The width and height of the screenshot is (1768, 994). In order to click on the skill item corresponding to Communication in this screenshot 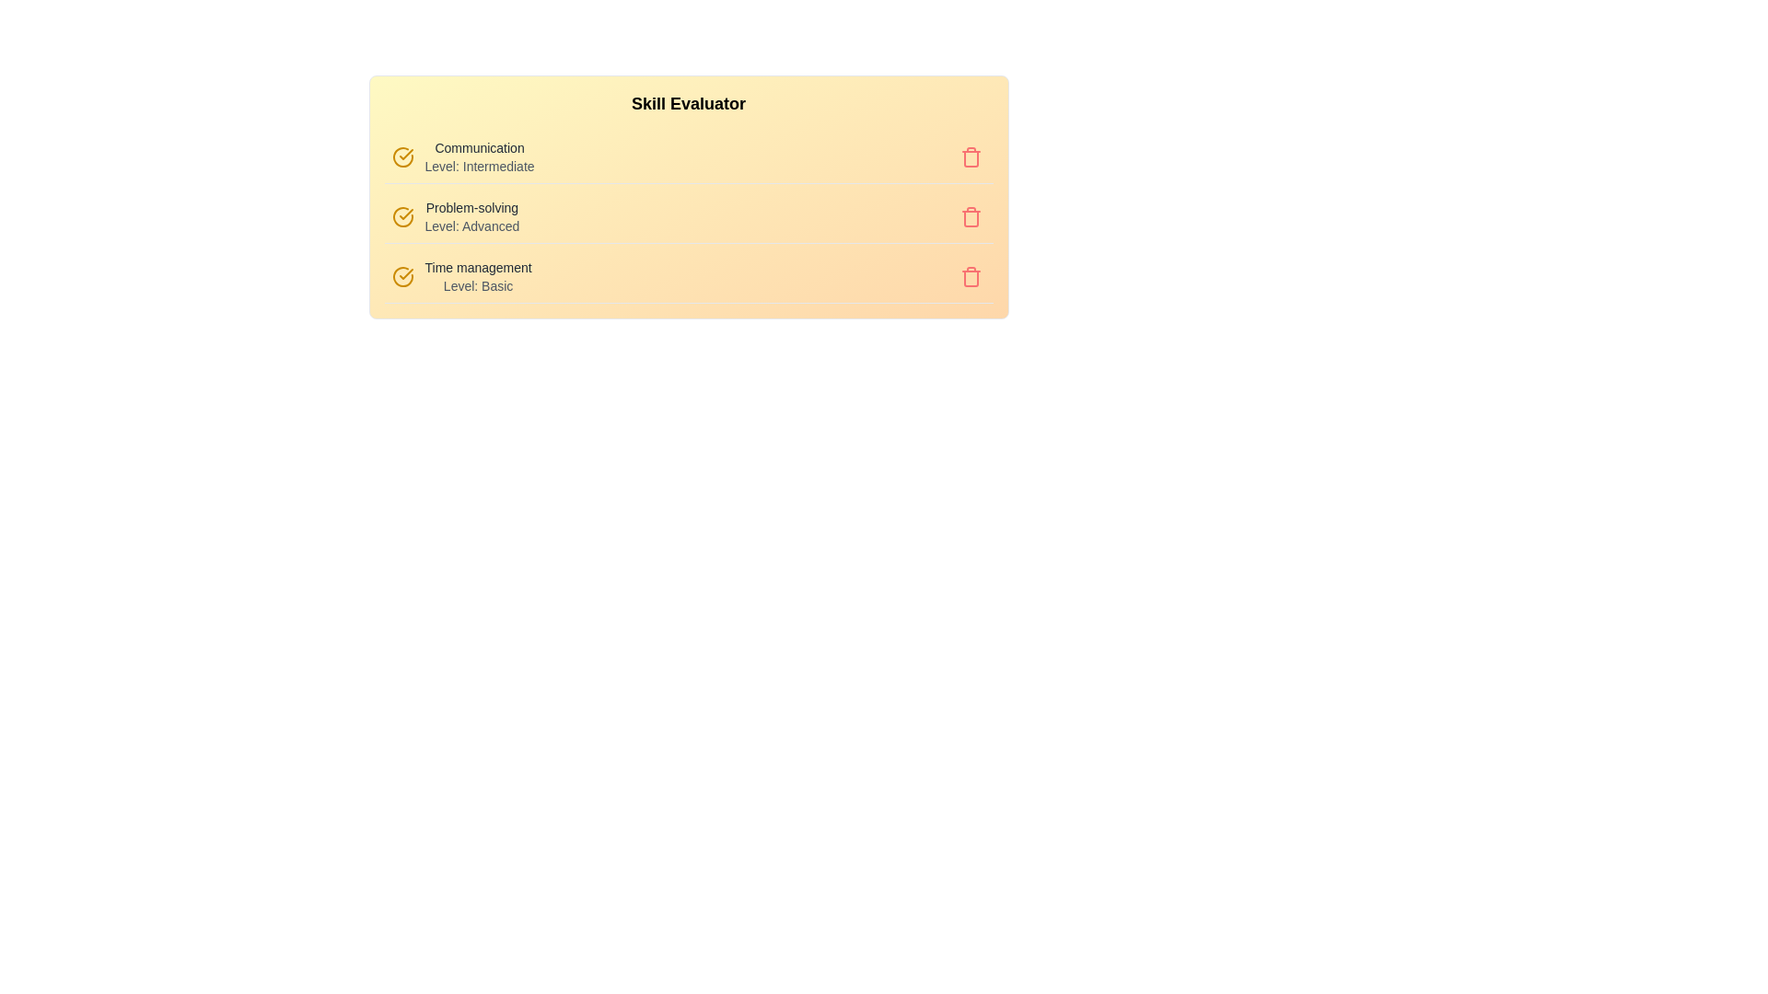, I will do `click(459, 137)`.